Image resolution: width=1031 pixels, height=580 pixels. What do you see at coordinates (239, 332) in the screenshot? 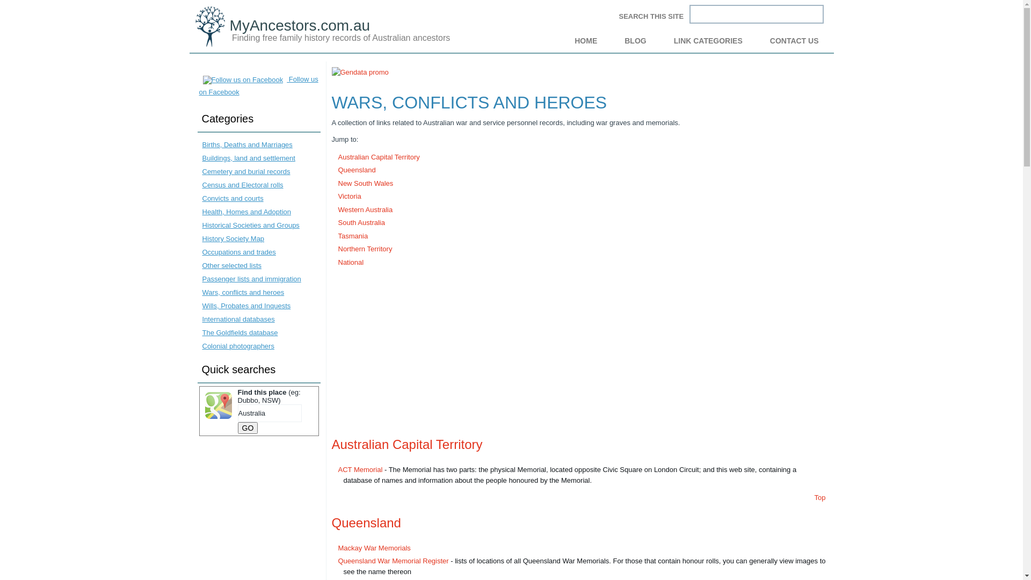
I see `'The Goldfields database'` at bounding box center [239, 332].